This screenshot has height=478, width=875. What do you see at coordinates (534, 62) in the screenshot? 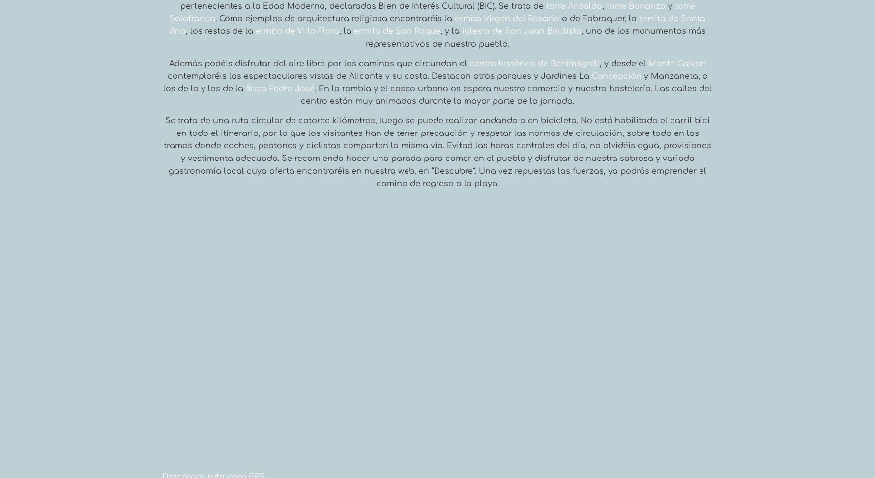
I see `'centro histórico de Benimagrell'` at bounding box center [534, 62].